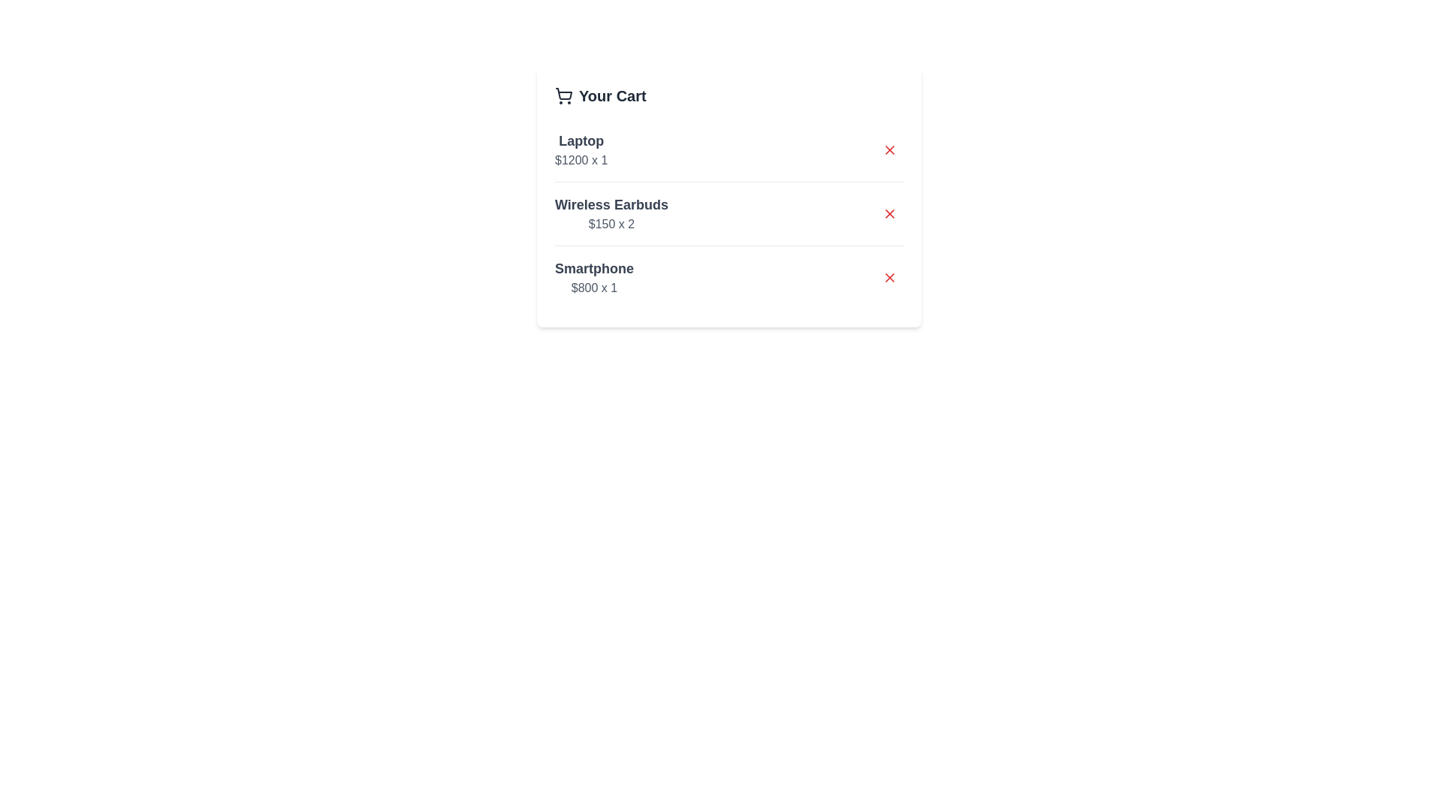 This screenshot has width=1442, height=811. I want to click on the remove button for the item 'Smartphone', so click(890, 278).